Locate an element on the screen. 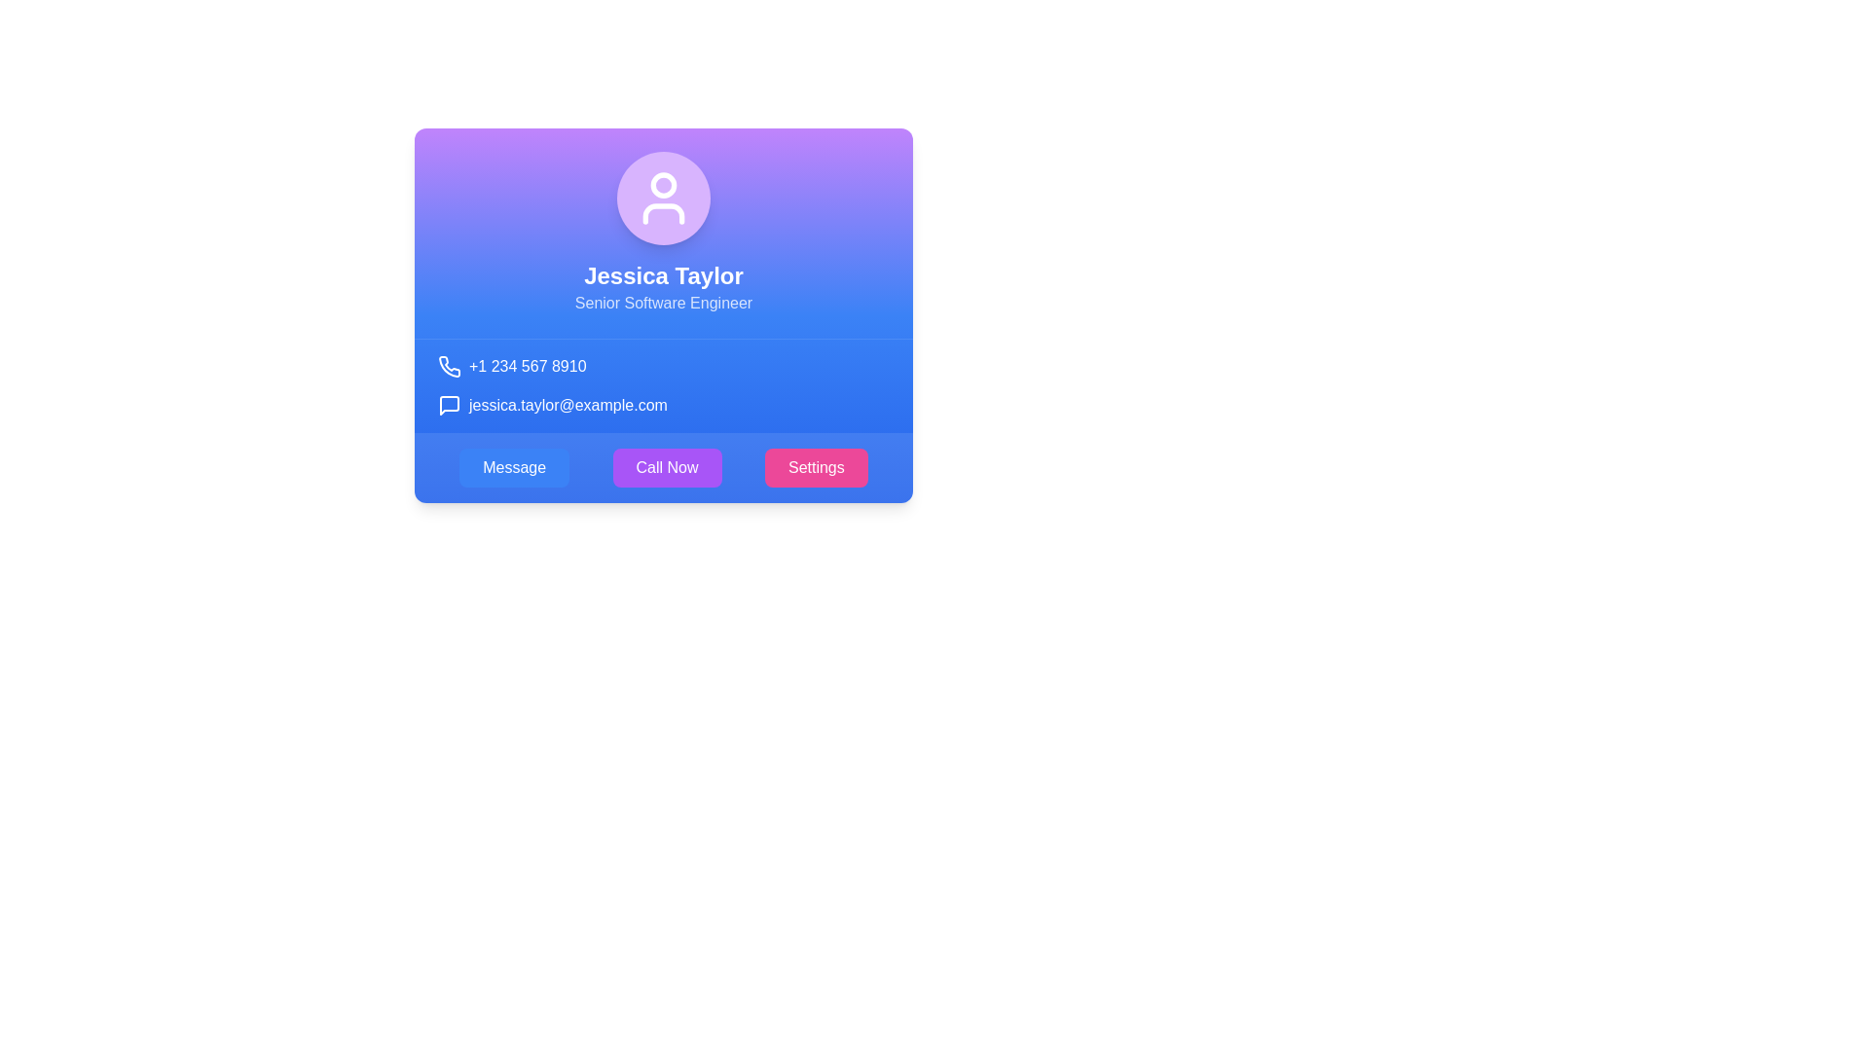 The image size is (1869, 1051). the email address 'jessica.taylor@example.com' with a message square icon, which is located below the phone number in the blue section of the contact card interface is located at coordinates (663, 404).